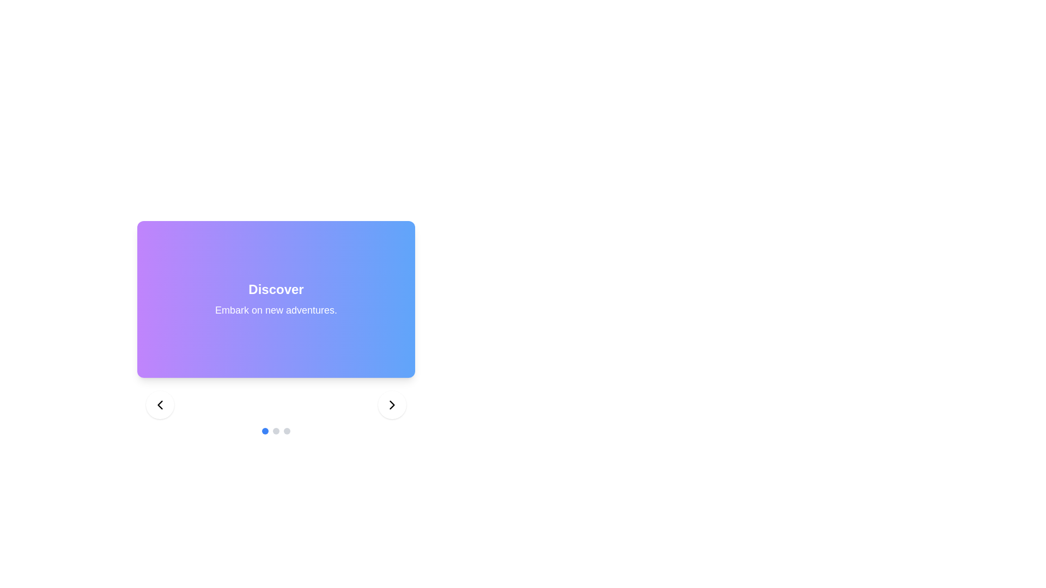  I want to click on the second dot indicator of the carousel navigation, which is positioned between the first blue circle and the gray circle, so click(276, 430).